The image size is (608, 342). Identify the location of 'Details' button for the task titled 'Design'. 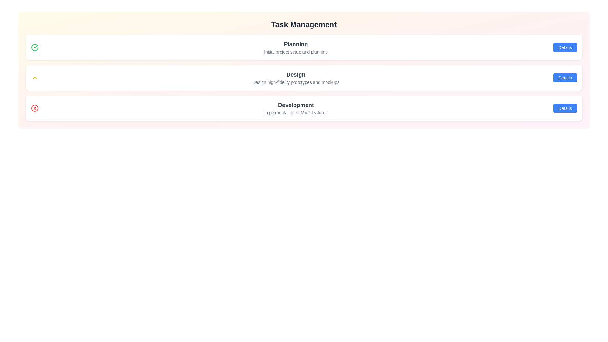
(565, 78).